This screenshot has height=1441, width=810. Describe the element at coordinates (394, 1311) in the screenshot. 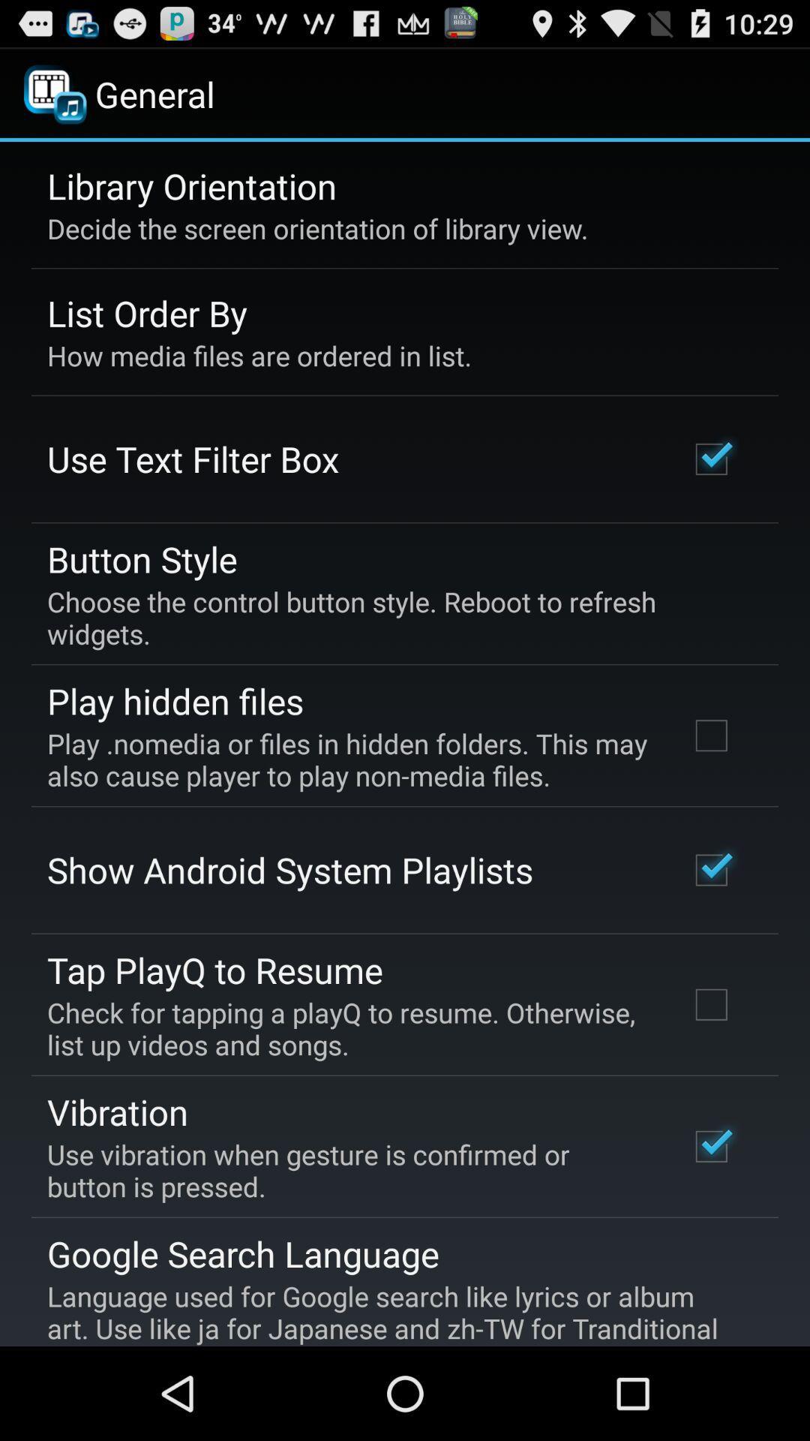

I see `item below google search language` at that location.